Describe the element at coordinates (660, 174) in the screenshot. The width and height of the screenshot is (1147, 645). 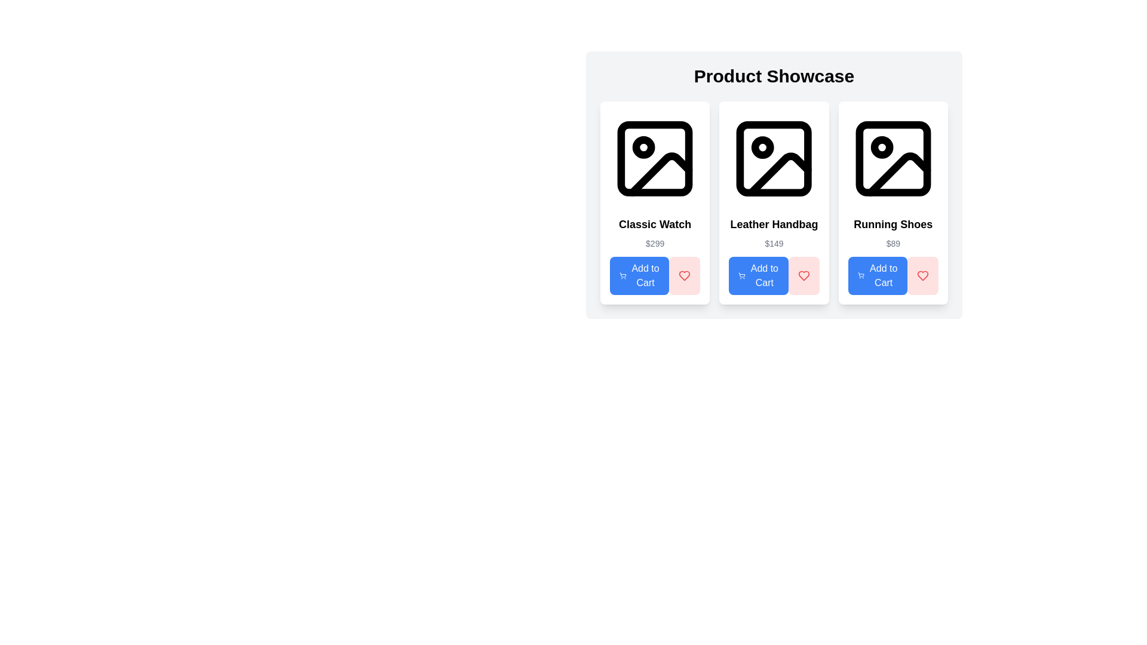
I see `the diagonal line in the bottom-right part of the 'Classic Watch' product card's image icon, which is styled with black strokes` at that location.